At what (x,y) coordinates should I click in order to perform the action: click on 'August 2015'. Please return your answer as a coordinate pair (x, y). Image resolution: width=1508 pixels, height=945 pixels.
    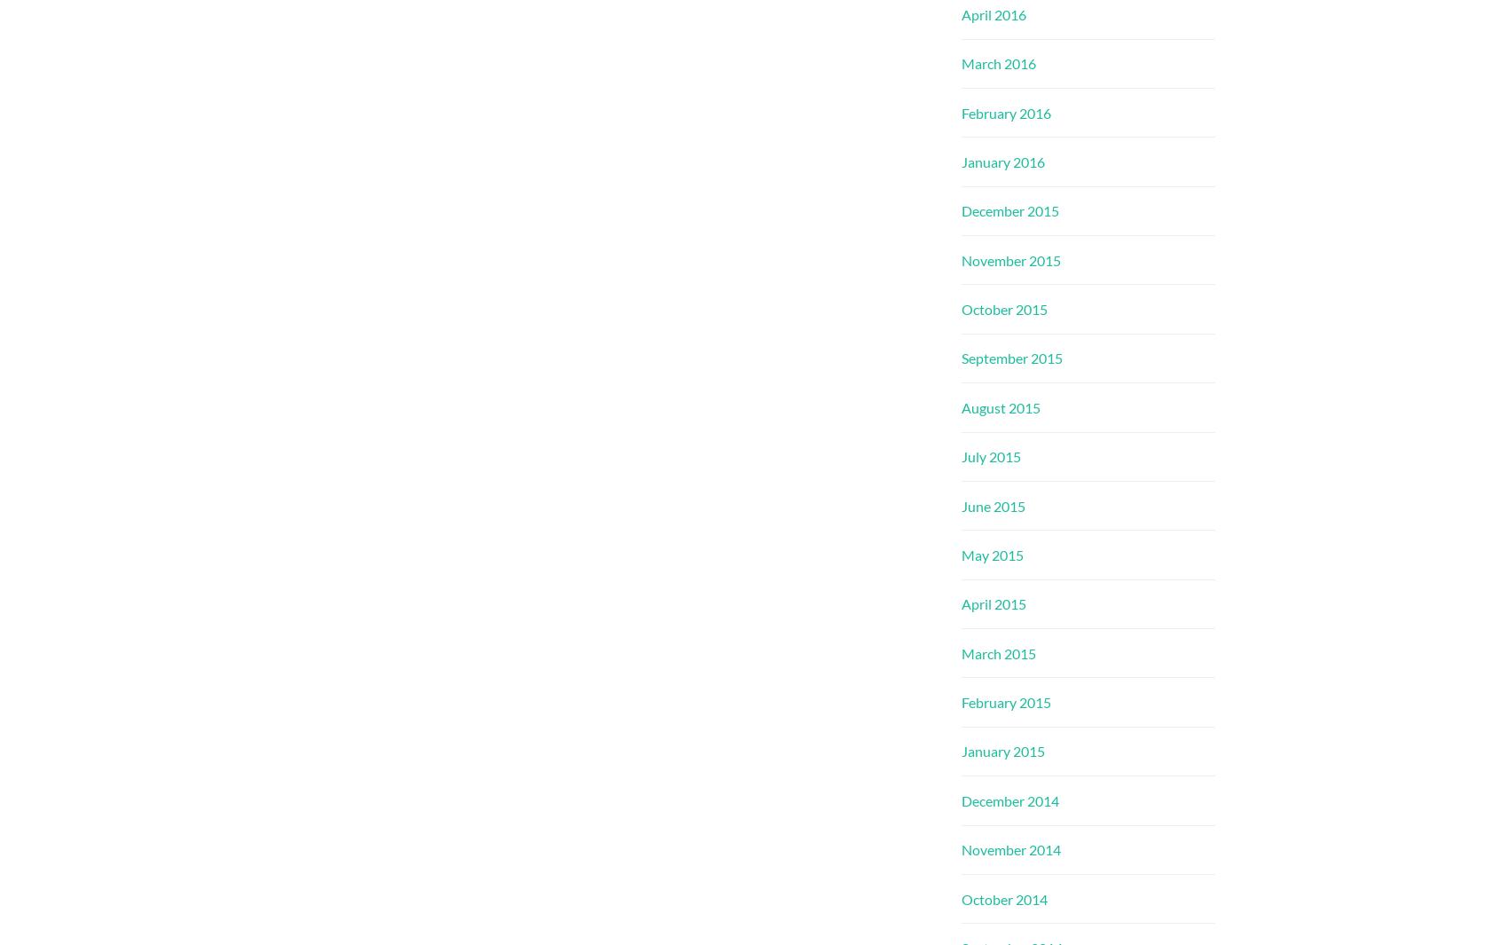
    Looking at the image, I should click on (1001, 406).